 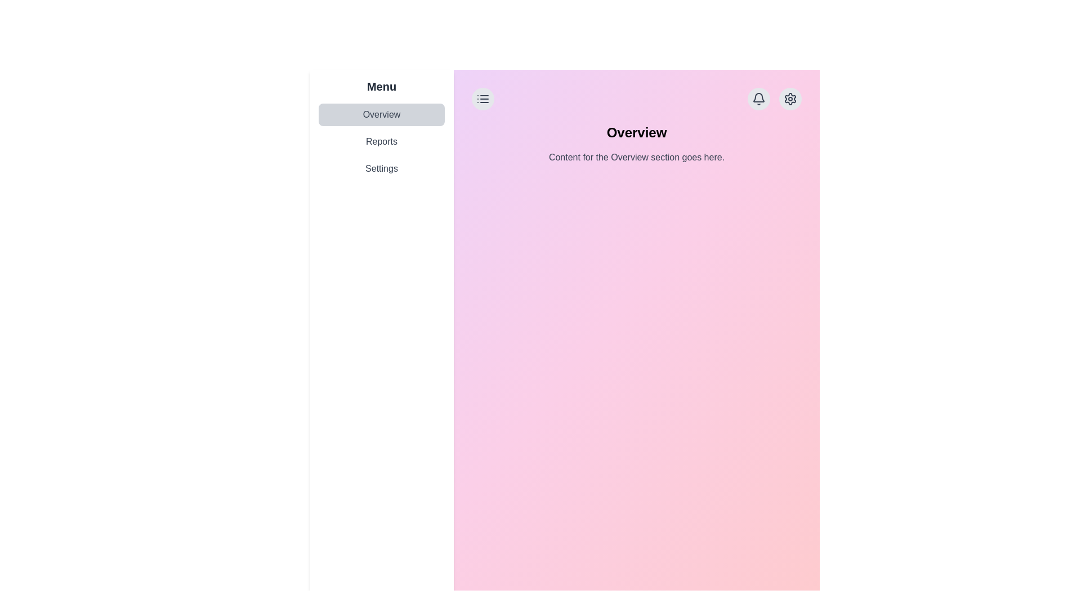 I want to click on the circular settings button with a gear-shaped icon located in the top-right corner of the main content area to change its appearance, so click(x=789, y=99).